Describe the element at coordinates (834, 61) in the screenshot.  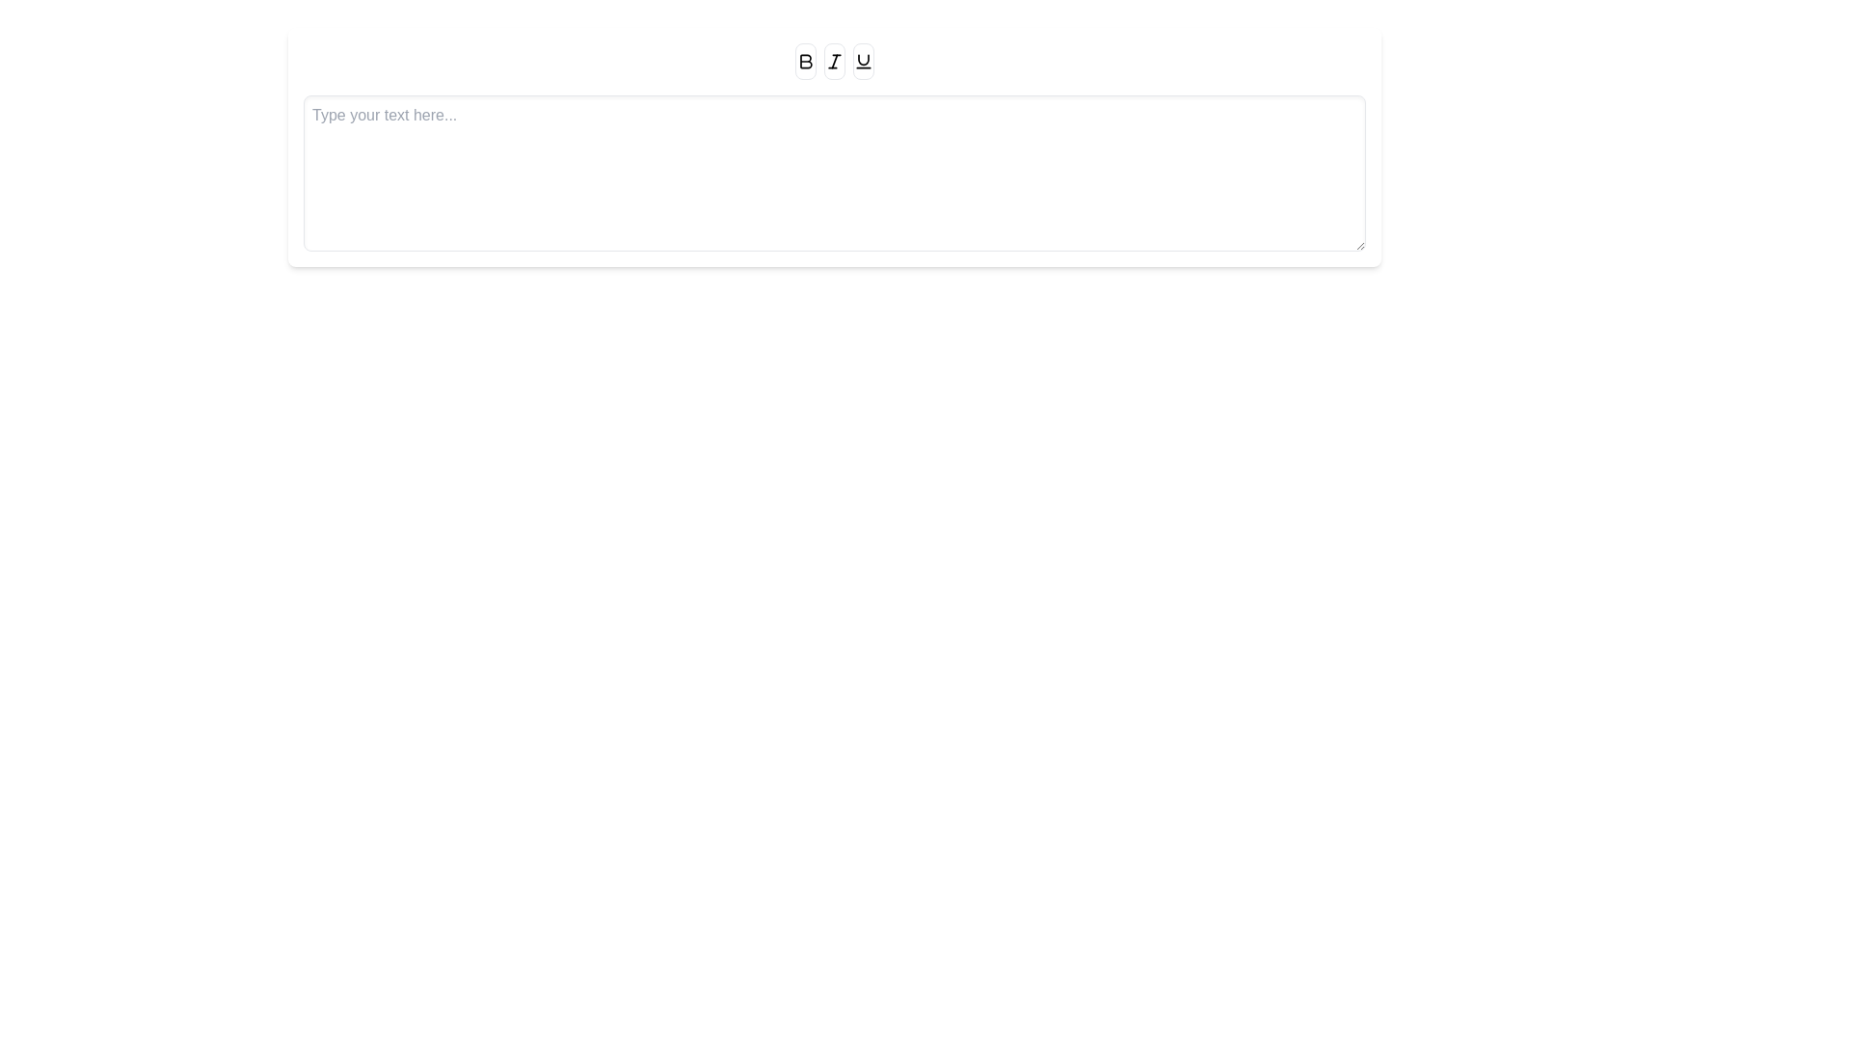
I see `the italic 'I' icon button for text formatting located in the center of the button group above the text input field` at that location.